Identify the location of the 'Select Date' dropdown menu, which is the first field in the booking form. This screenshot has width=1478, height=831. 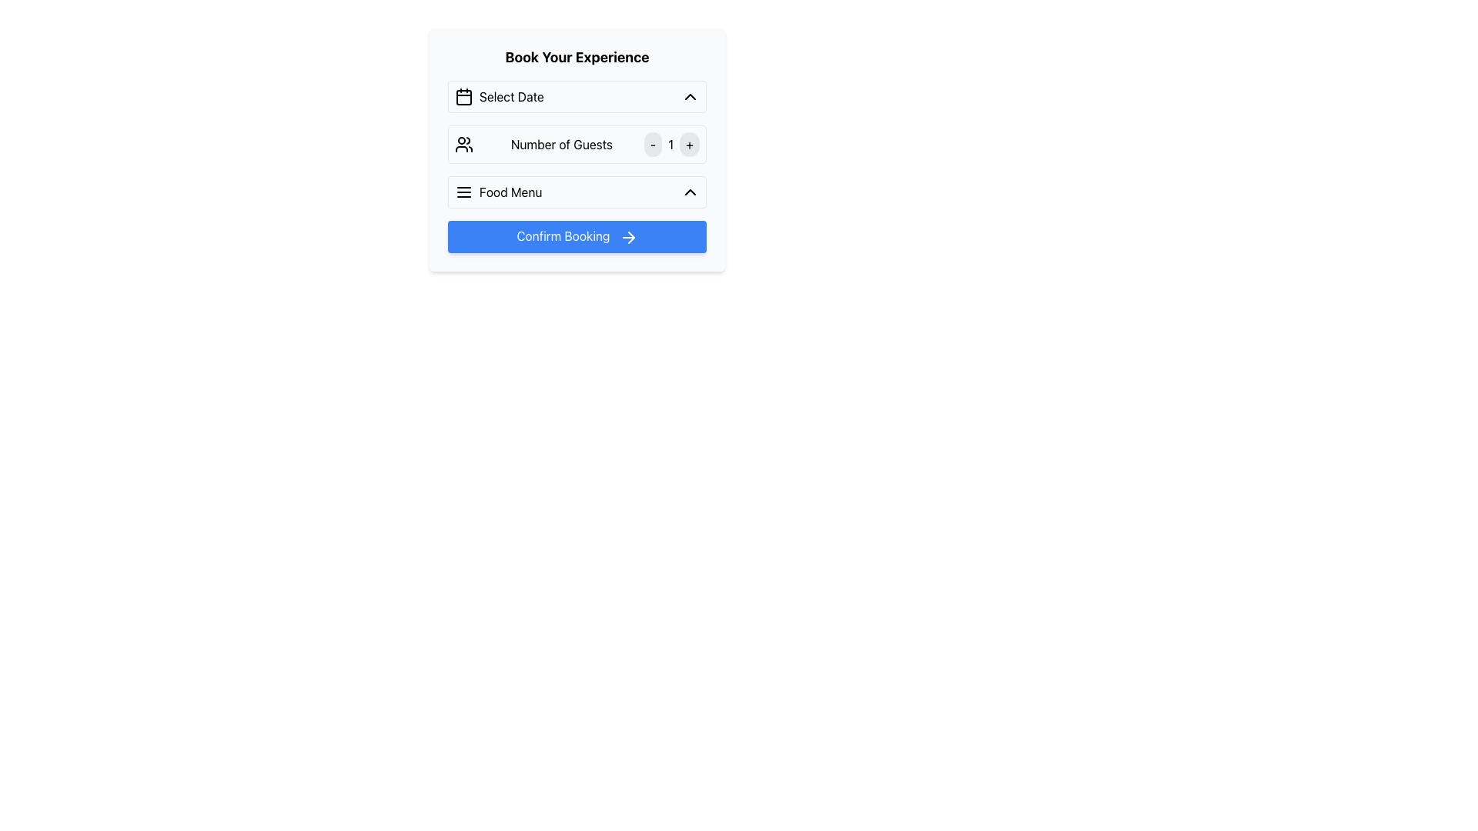
(576, 97).